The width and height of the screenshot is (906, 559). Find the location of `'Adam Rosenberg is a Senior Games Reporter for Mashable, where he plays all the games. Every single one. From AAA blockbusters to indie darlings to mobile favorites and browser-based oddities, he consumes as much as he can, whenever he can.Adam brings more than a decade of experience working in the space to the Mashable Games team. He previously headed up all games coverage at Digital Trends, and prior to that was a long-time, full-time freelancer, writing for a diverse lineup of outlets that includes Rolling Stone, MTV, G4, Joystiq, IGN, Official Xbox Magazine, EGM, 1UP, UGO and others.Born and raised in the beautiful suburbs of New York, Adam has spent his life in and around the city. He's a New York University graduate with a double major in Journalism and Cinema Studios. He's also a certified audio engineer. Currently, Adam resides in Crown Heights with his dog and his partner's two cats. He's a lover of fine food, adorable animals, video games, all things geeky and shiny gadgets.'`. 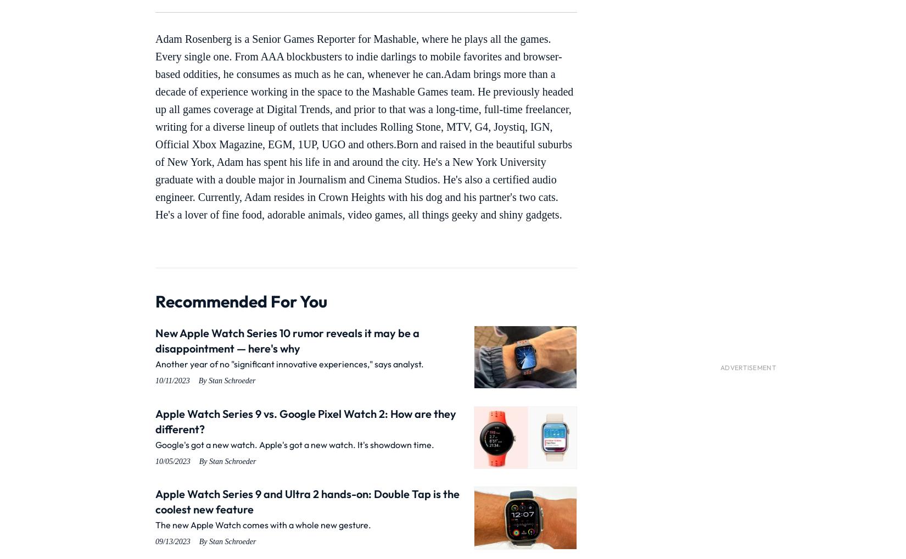

'Adam Rosenberg is a Senior Games Reporter for Mashable, where he plays all the games. Every single one. From AAA blockbusters to indie darlings to mobile favorites and browser-based oddities, he consumes as much as he can, whenever he can.Adam brings more than a decade of experience working in the space to the Mashable Games team. He previously headed up all games coverage at Digital Trends, and prior to that was a long-time, full-time freelancer, writing for a diverse lineup of outlets that includes Rolling Stone, MTV, G4, Joystiq, IGN, Official Xbox Magazine, EGM, 1UP, UGO and others.Born and raised in the beautiful suburbs of New York, Adam has spent his life in and around the city. He's a New York University graduate with a double major in Journalism and Cinema Studios. He's also a certified audio engineer. Currently, Adam resides in Crown Heights with his dog and his partner's two cats. He's a lover of fine food, adorable animals, video games, all things geeky and shiny gadgets.' is located at coordinates (155, 126).